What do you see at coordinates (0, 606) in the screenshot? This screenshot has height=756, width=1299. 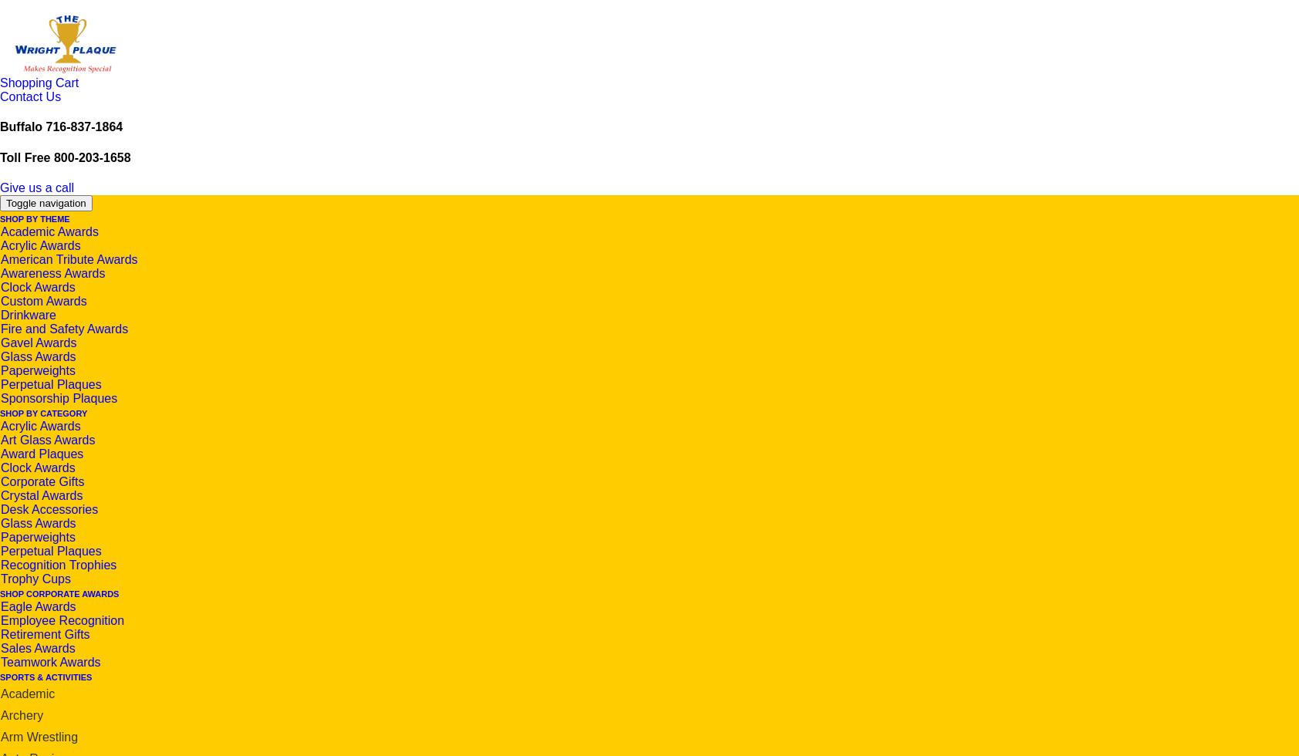 I see `'Eagle Awards'` at bounding box center [0, 606].